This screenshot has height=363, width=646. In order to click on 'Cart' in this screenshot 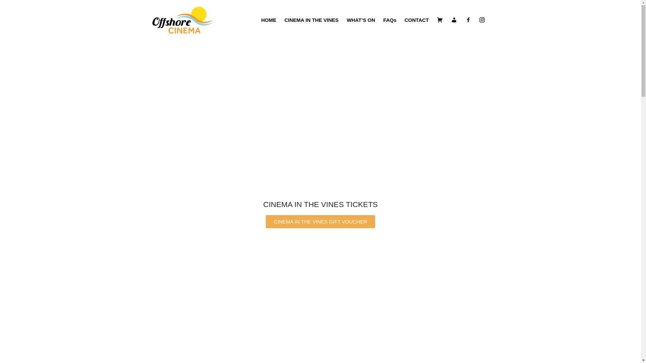, I will do `click(439, 20)`.